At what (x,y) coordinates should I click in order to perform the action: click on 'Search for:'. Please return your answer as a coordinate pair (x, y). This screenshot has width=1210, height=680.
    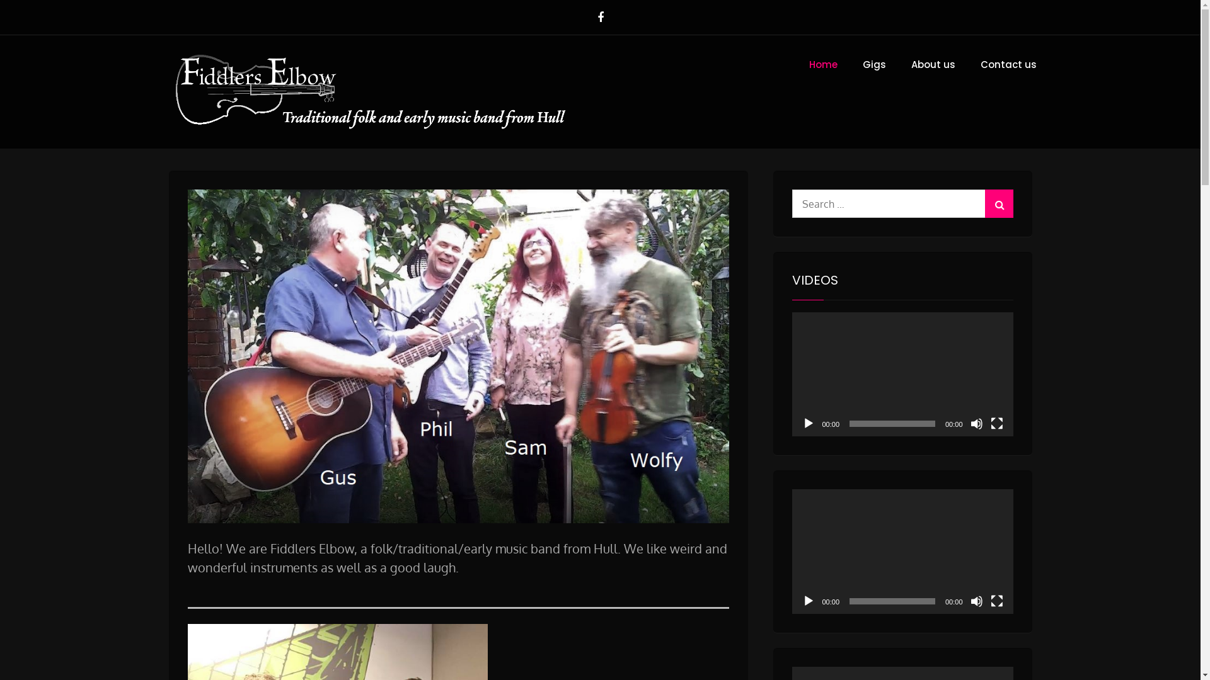
    Looking at the image, I should click on (901, 203).